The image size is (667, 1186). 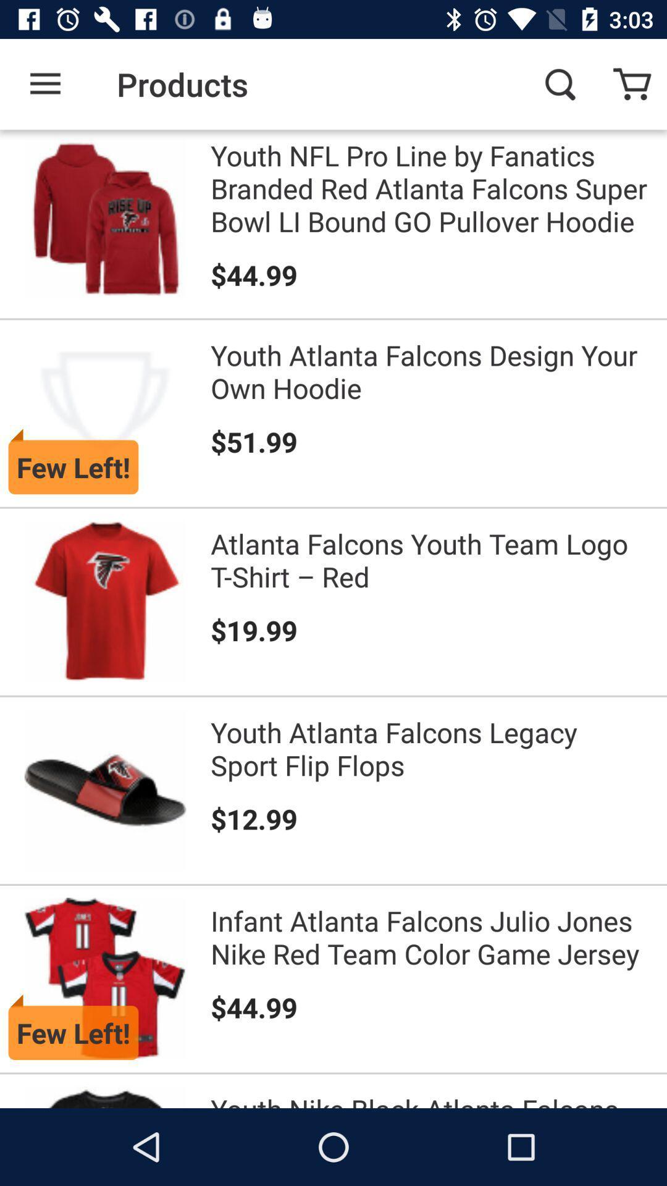 What do you see at coordinates (104, 789) in the screenshot?
I see `the image which is left to the text 1299` at bounding box center [104, 789].